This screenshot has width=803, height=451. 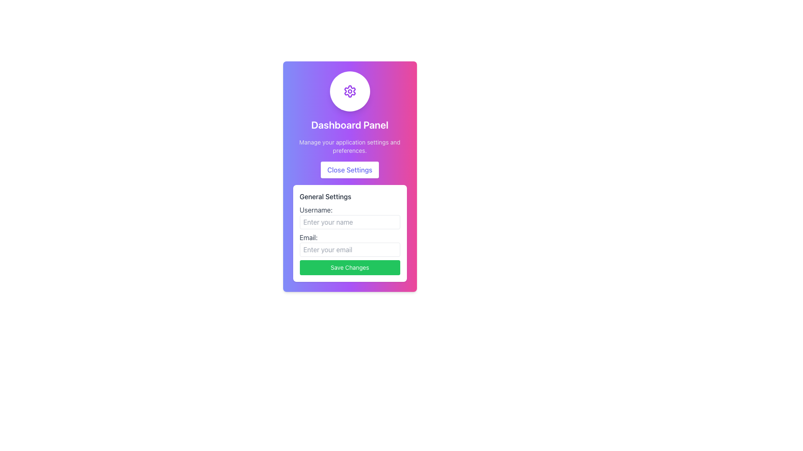 I want to click on the circular button-like component with a white background and a purple gear icon, which is located at the top of the panel above the 'Dashboard Panel' title text, so click(x=350, y=91).